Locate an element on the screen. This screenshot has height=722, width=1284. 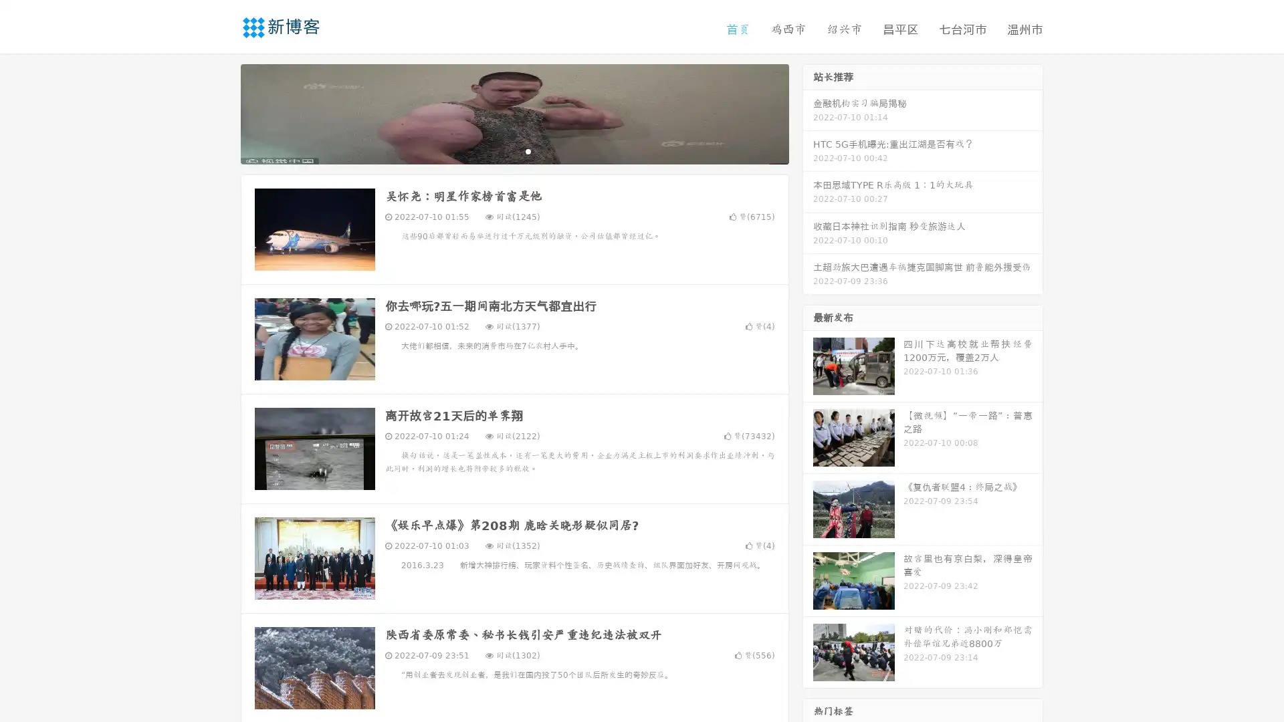
Go to slide 1 is located at coordinates (500, 150).